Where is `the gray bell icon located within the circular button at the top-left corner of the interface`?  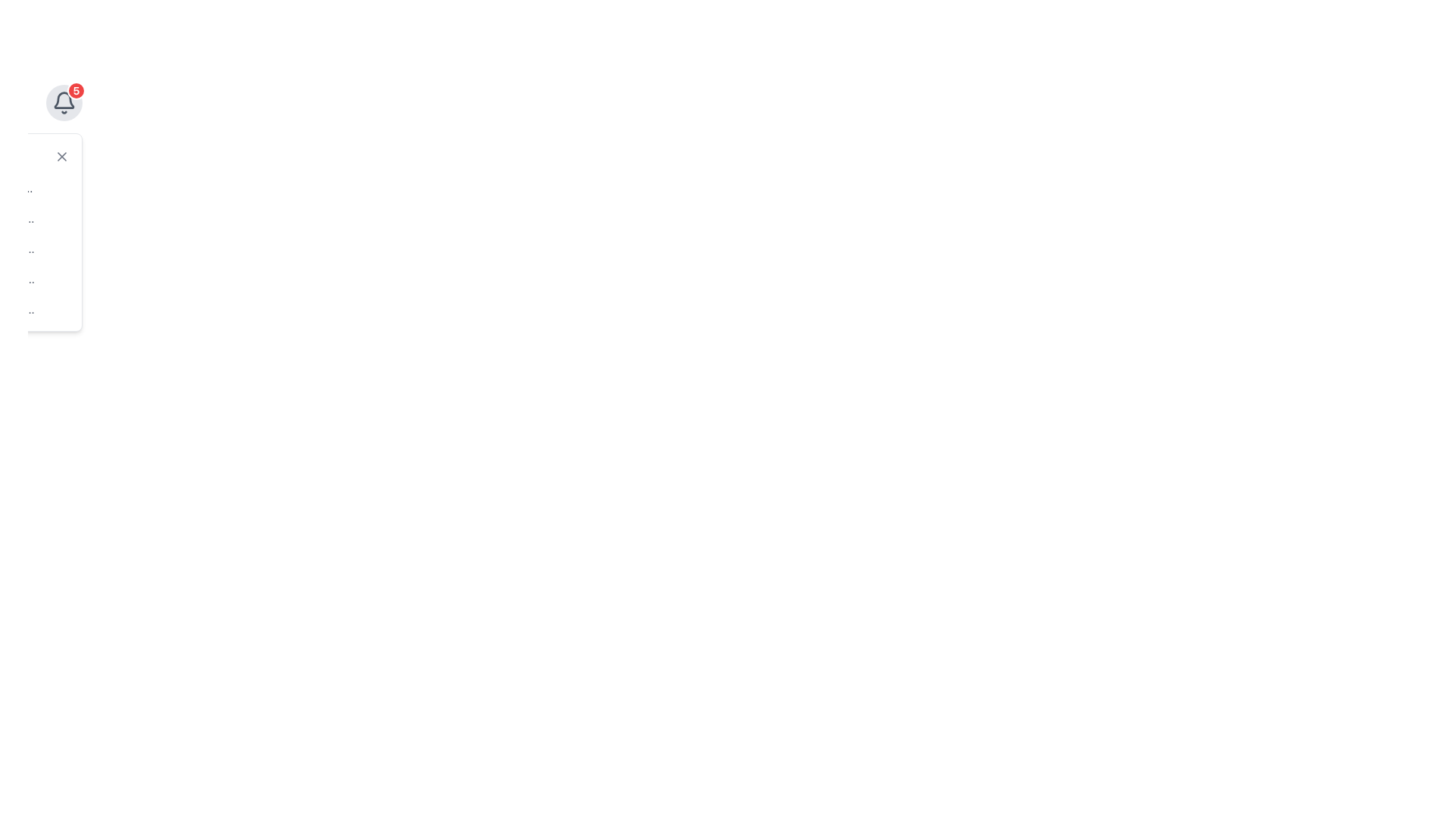 the gray bell icon located within the circular button at the top-left corner of the interface is located at coordinates (64, 102).